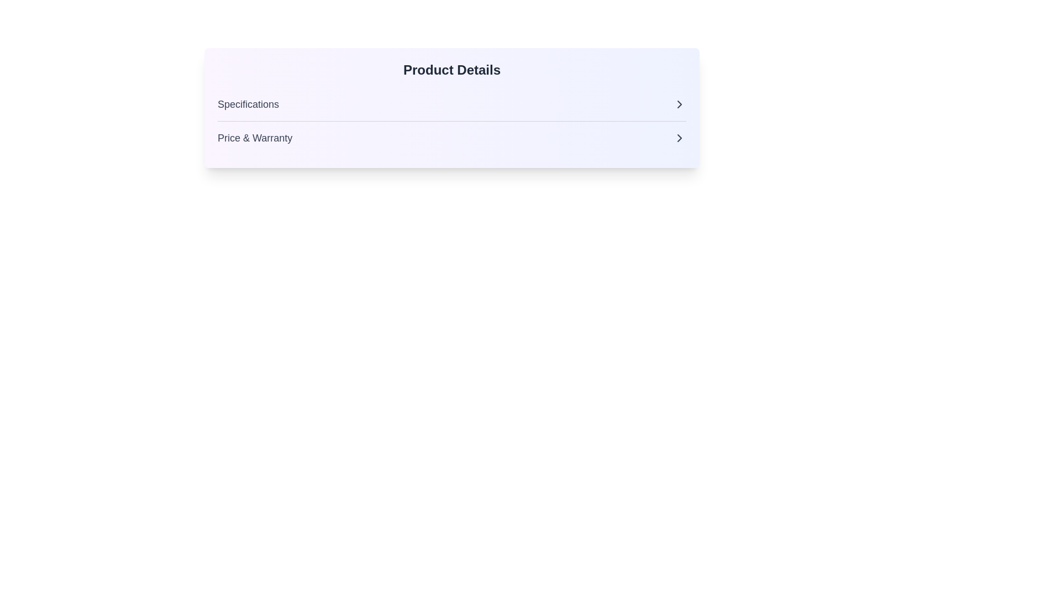 The width and height of the screenshot is (1061, 597). What do you see at coordinates (679, 138) in the screenshot?
I see `the right-facing chevron arrow, which is styled as a simple line drawing in black and indicates a forward or next action, located to the right of the 'Price & Warranty' label` at bounding box center [679, 138].